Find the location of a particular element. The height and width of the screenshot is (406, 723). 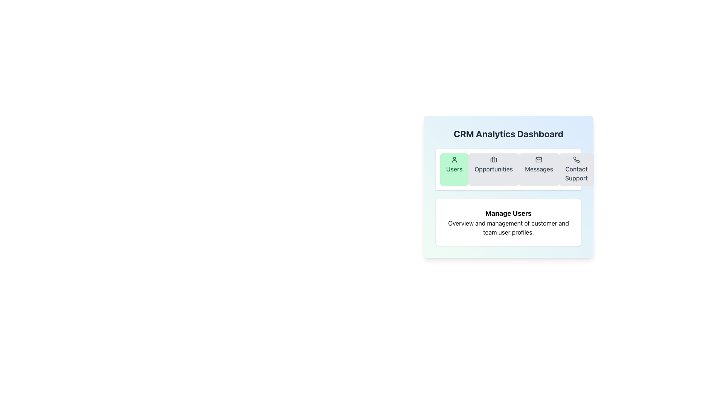

the interactive support button located at the far right of a row of four buttons, adjacent to the 'Messages' button is located at coordinates (576, 170).